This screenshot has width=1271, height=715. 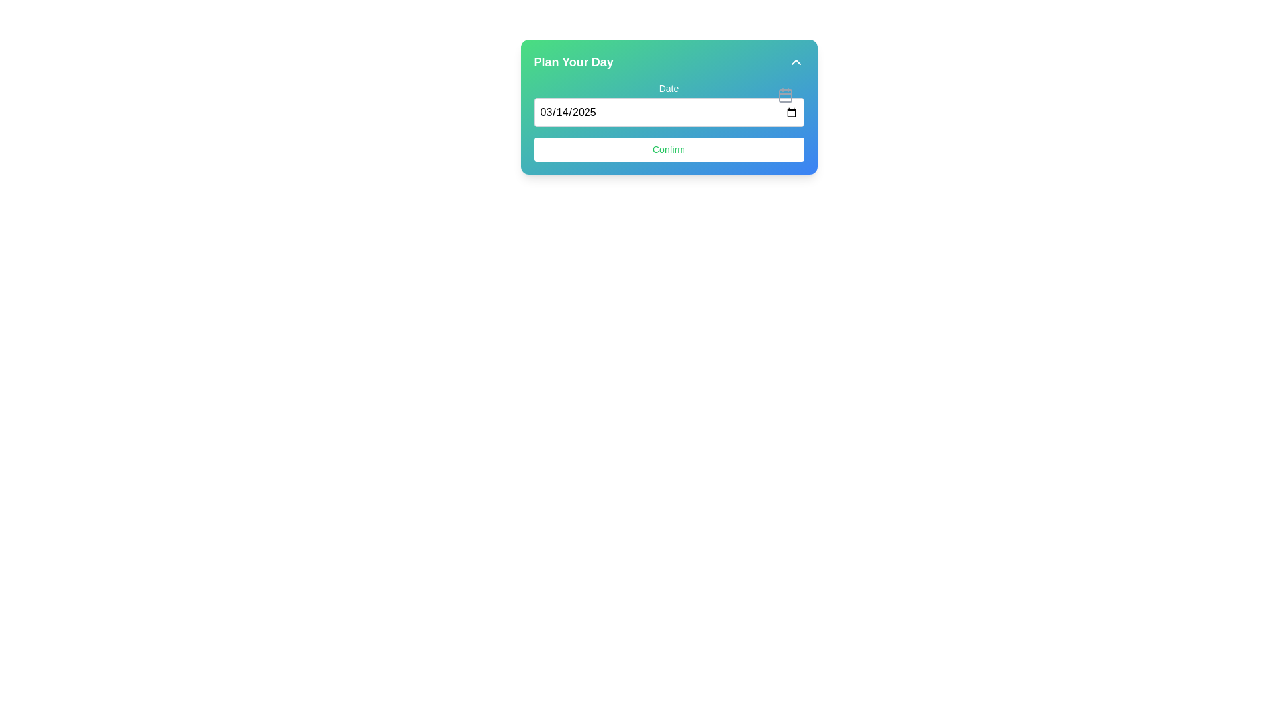 I want to click on the date selection icon located at the top-right corner of the 'Plan Your Day' card interface, so click(x=785, y=94).